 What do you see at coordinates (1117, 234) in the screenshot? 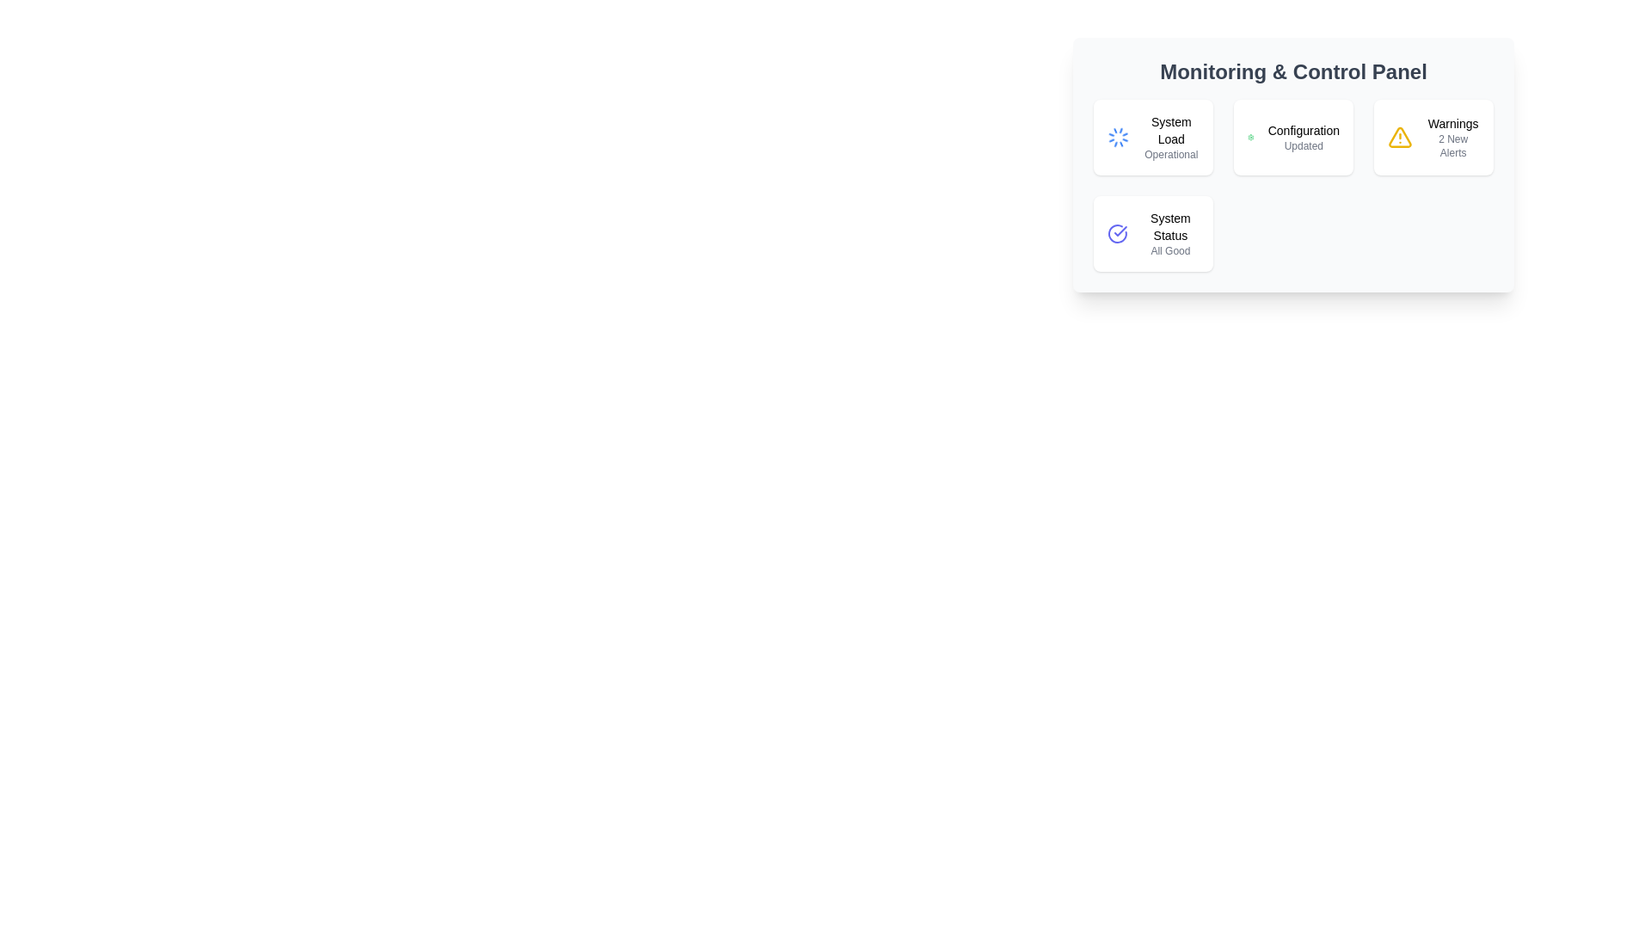
I see `the system status icon that visually indicates good operational condition, located within the 'System Status' section, aligned to the left margin` at bounding box center [1117, 234].